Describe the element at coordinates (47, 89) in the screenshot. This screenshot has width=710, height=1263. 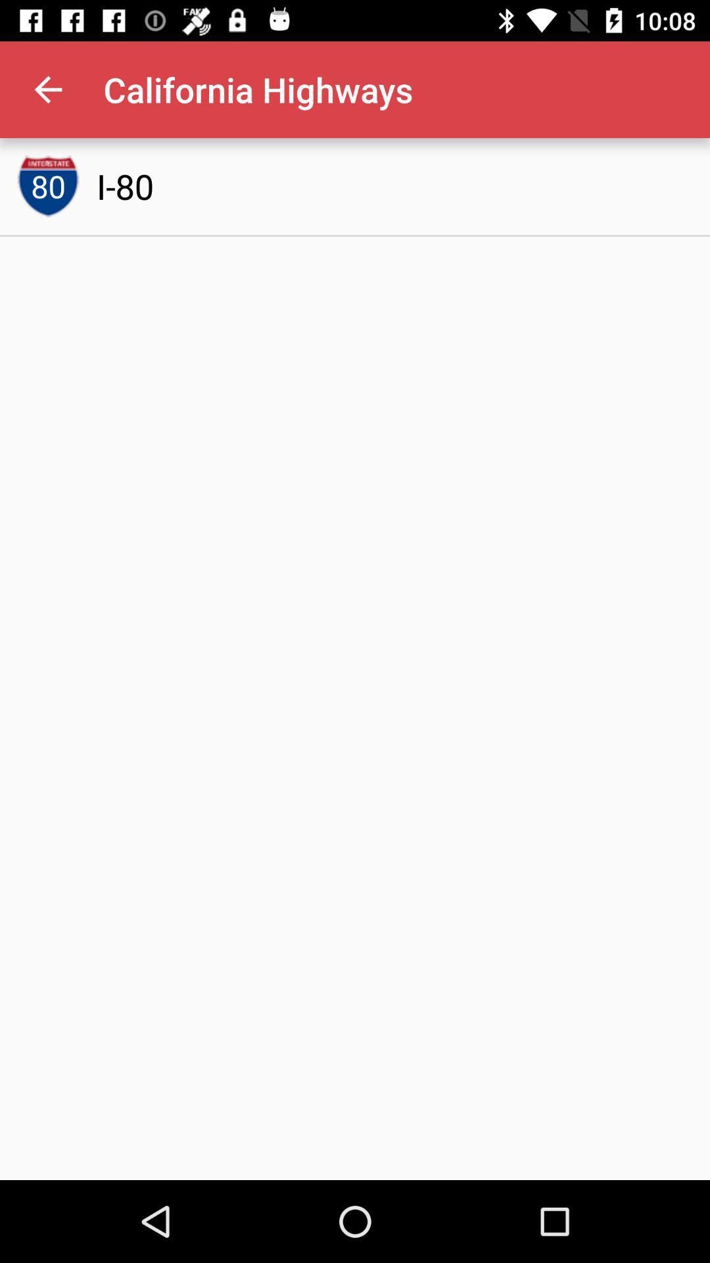
I see `icon to the left of california highways` at that location.